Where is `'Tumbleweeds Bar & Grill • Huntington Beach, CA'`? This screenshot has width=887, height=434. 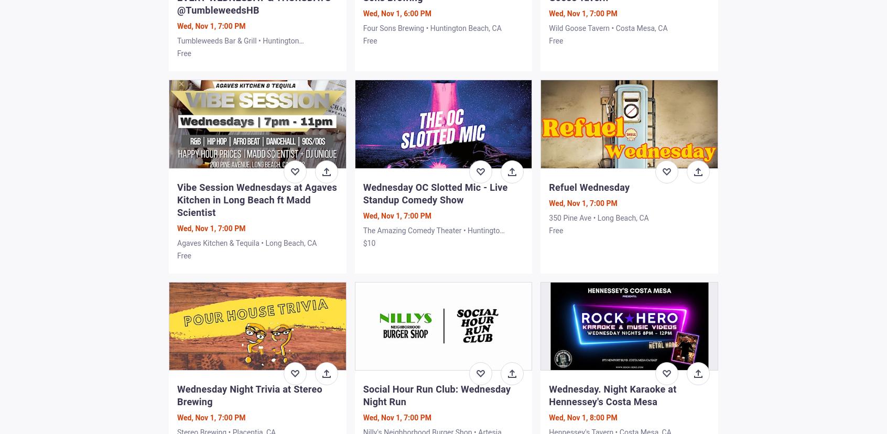 'Tumbleweeds Bar & Grill • Huntington Beach, CA' is located at coordinates (177, 46).